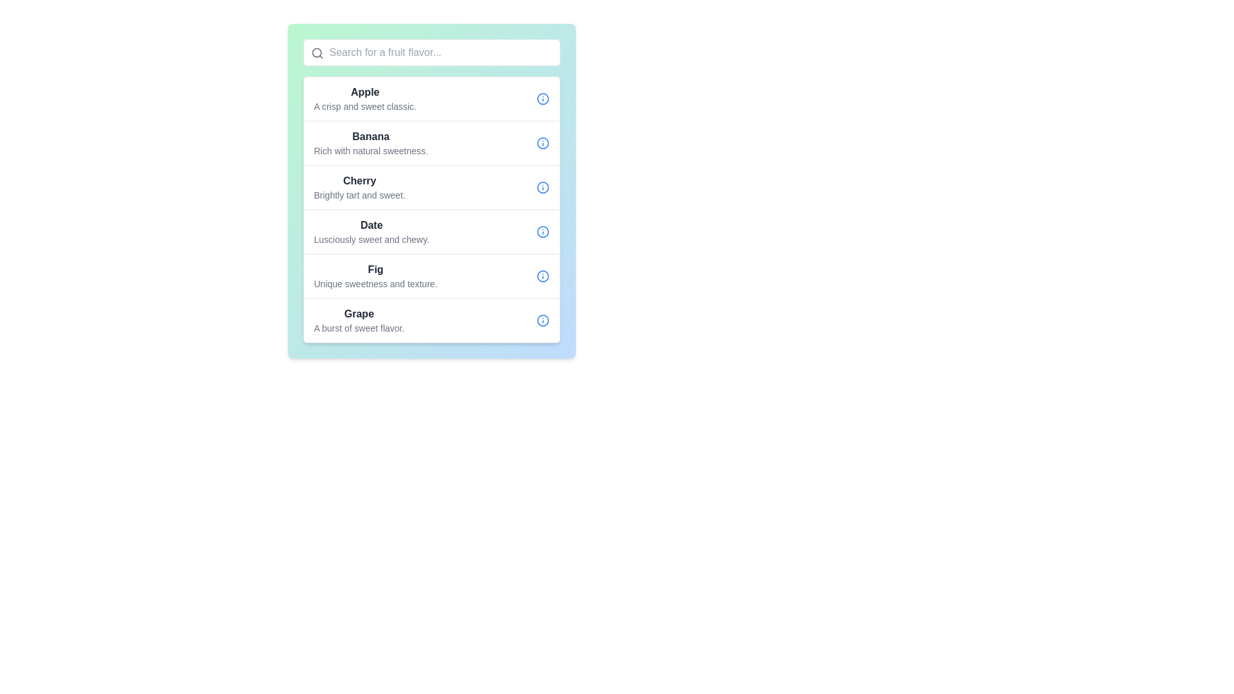  What do you see at coordinates (359, 314) in the screenshot?
I see `the bold dark gray text element displaying 'Grape', which is positioned at the top of the entry for 'Grape' in the list` at bounding box center [359, 314].